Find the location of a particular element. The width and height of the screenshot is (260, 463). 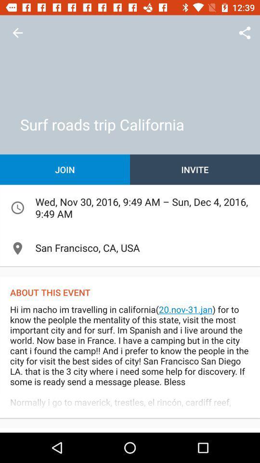

item at the top left corner is located at coordinates (17, 33).